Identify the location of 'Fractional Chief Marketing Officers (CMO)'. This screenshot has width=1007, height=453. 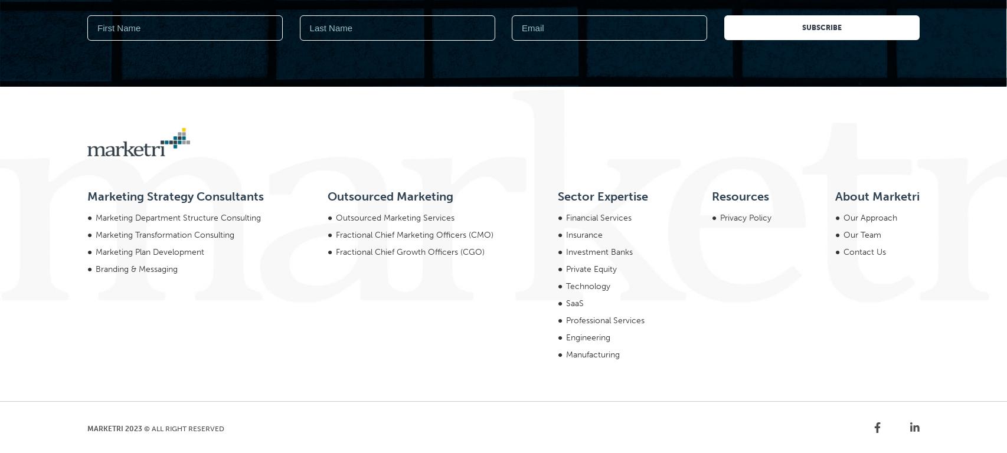
(414, 74).